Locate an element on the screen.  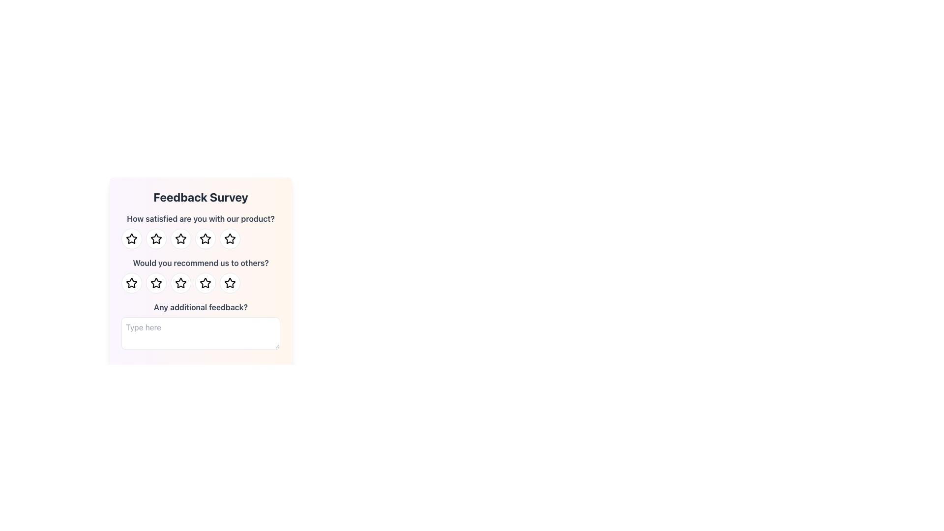
the static label displaying the question 'Would you recommend us to others?' which is positioned above the star icons in the survey interface is located at coordinates (200, 263).